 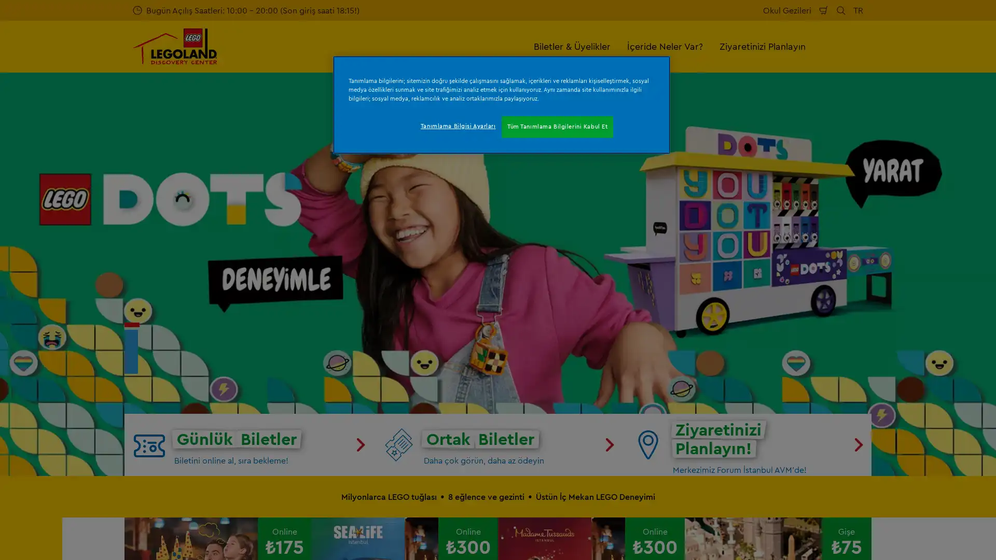 What do you see at coordinates (572, 46) in the screenshot?
I see `Biletler & Uyelikler` at bounding box center [572, 46].